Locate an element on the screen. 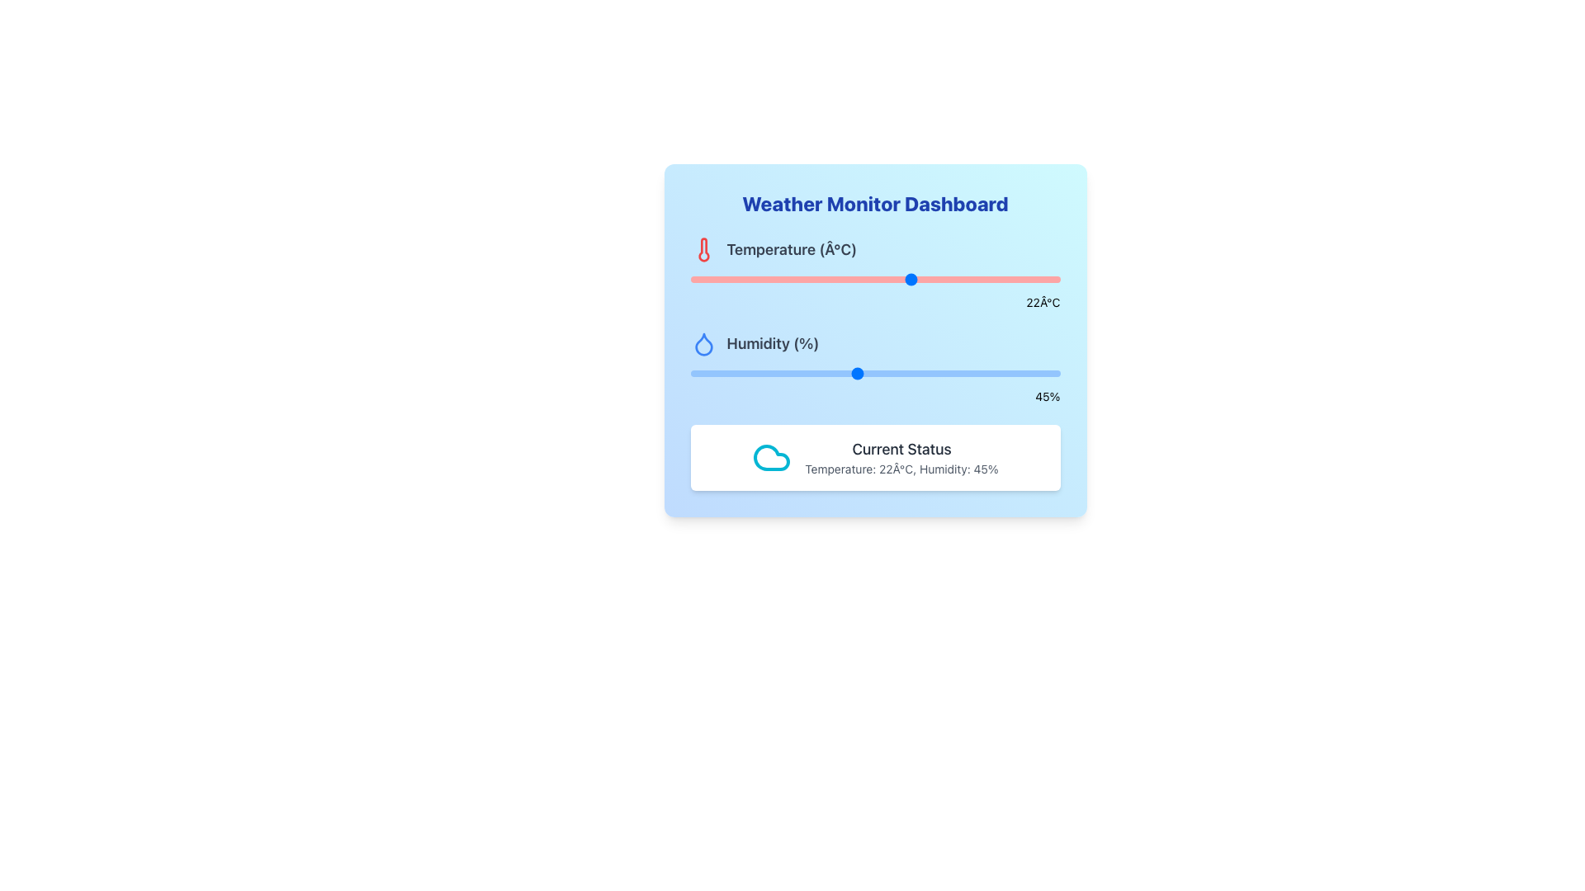 This screenshot has height=891, width=1585. the track of the temperature range slider located below the 'Temperature (°C)' label and red thermometer icon in the 'Weather Monitor Dashboard' card to set the position is located at coordinates (874, 279).